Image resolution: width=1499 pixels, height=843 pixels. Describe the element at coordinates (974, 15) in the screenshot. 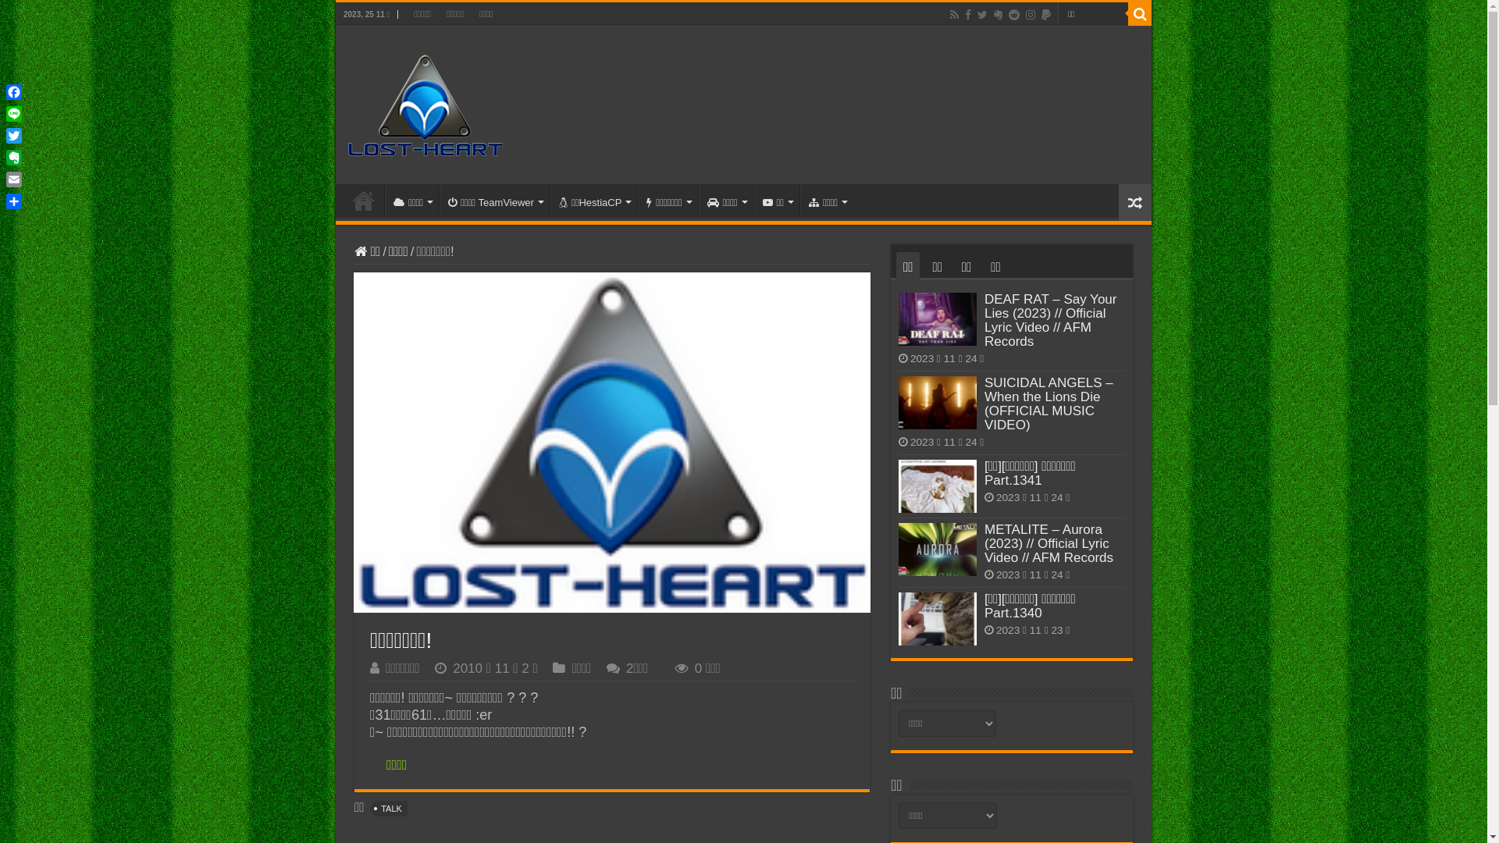

I see `'Twitter'` at that location.